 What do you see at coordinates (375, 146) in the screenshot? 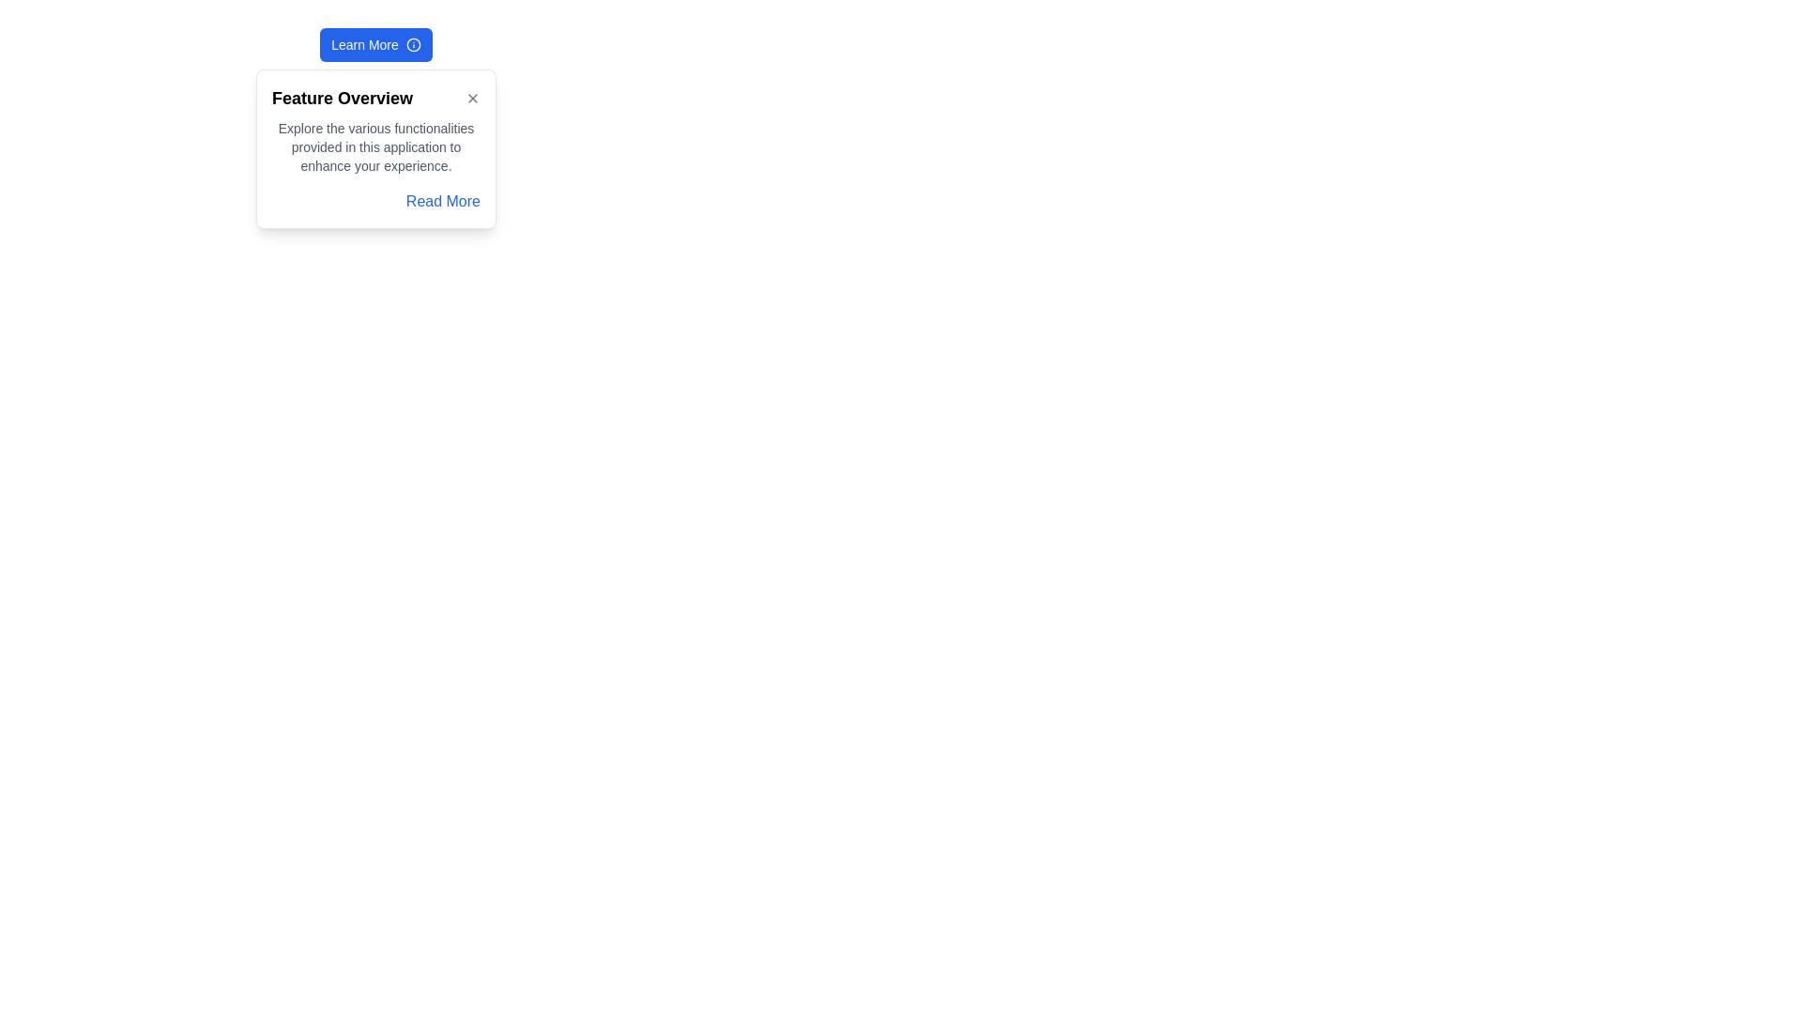
I see `the text paragraph styled with a small font size and gray color, which contains the sentence: "Explore the various functionalities provided in this application to enhance your experience." This text is located within a card-like structure, directly beneath the 'Feature Overview' header and above the 'Read More' text link` at bounding box center [375, 146].